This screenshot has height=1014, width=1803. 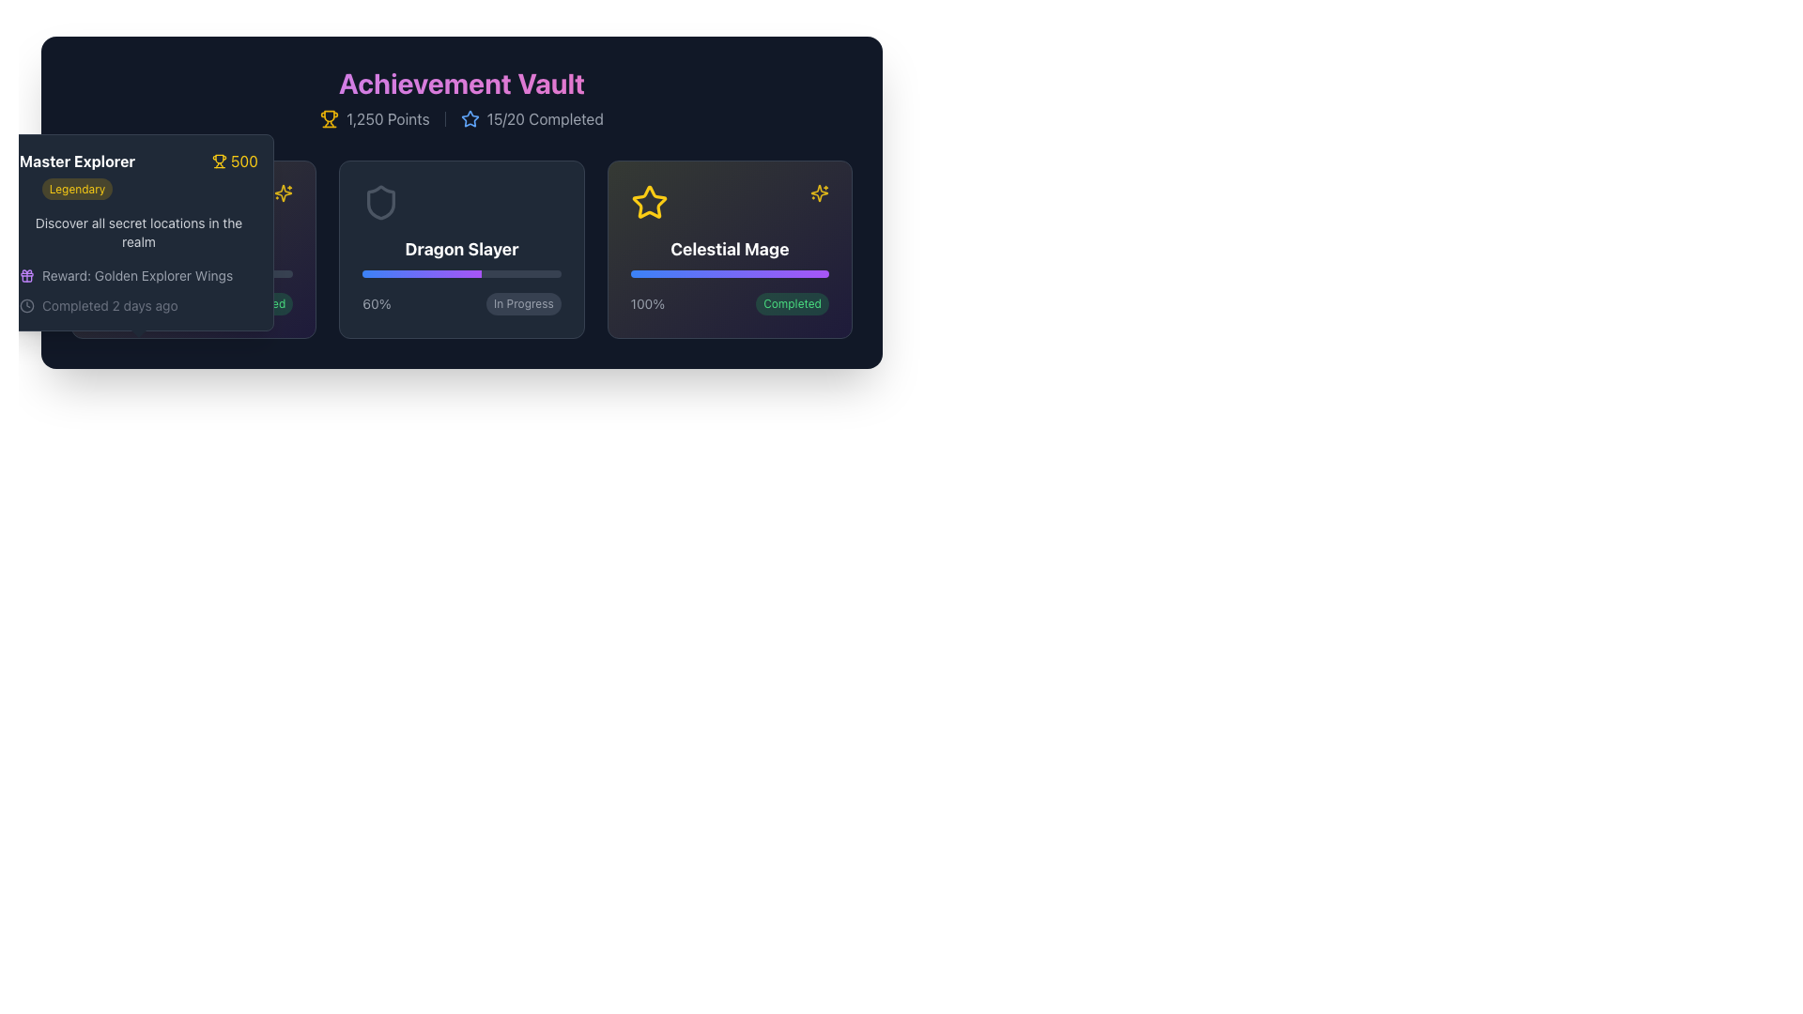 I want to click on the 'Master Explorer' achievement card located in the 'Achievement Vault' section, which is the first card in a group of three, positioned on the leftmost side, so click(x=193, y=249).